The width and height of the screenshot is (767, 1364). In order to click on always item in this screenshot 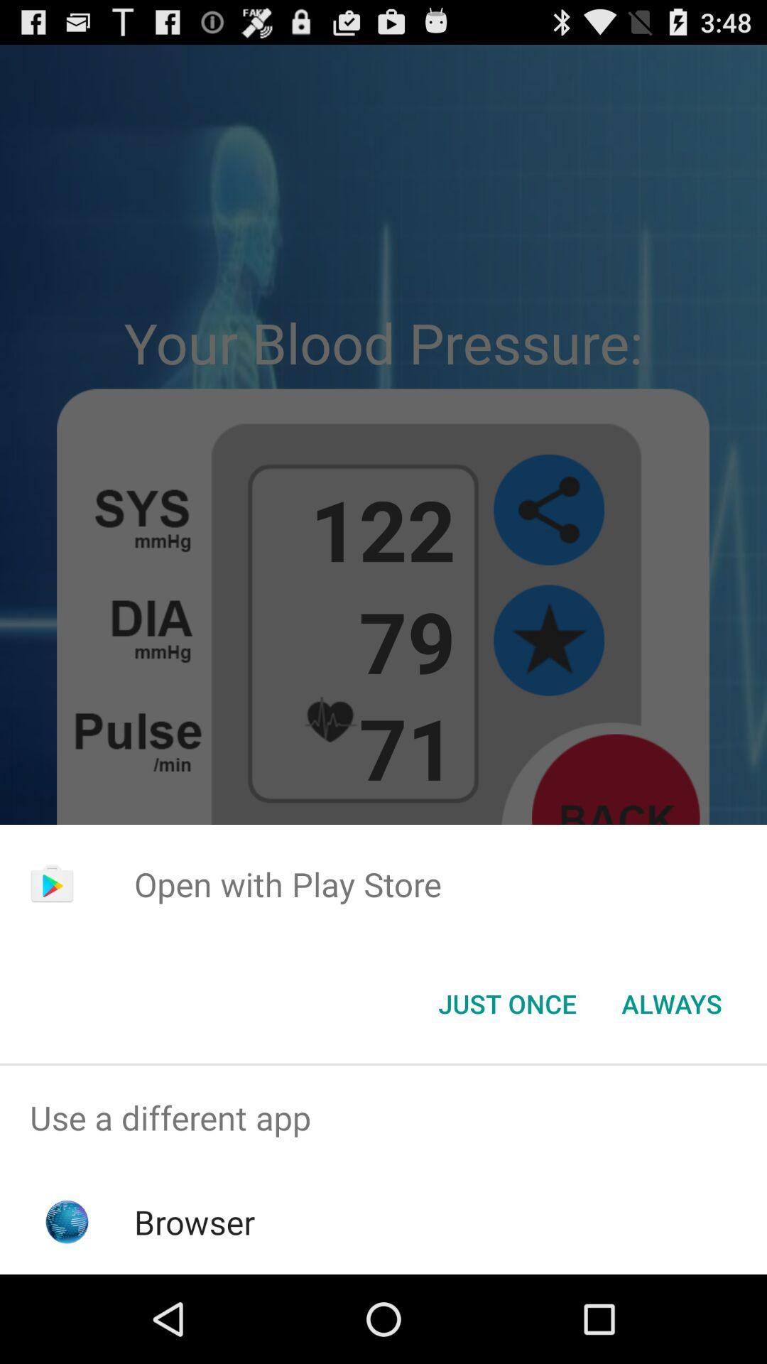, I will do `click(671, 1002)`.